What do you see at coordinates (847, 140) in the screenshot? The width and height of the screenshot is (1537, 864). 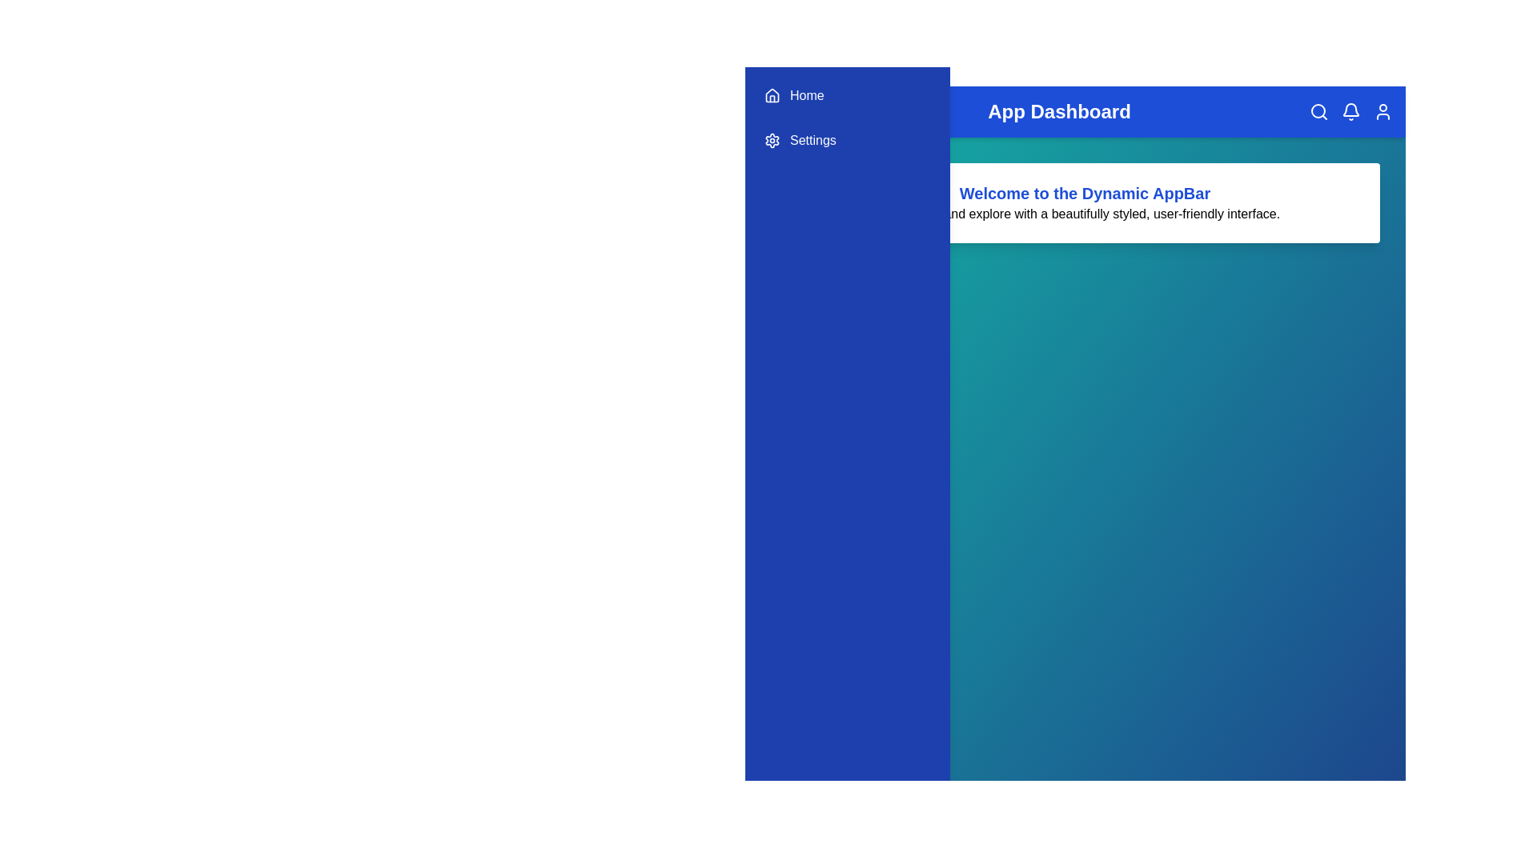 I see `the 'Settings' menu item in the navigation menu` at bounding box center [847, 140].